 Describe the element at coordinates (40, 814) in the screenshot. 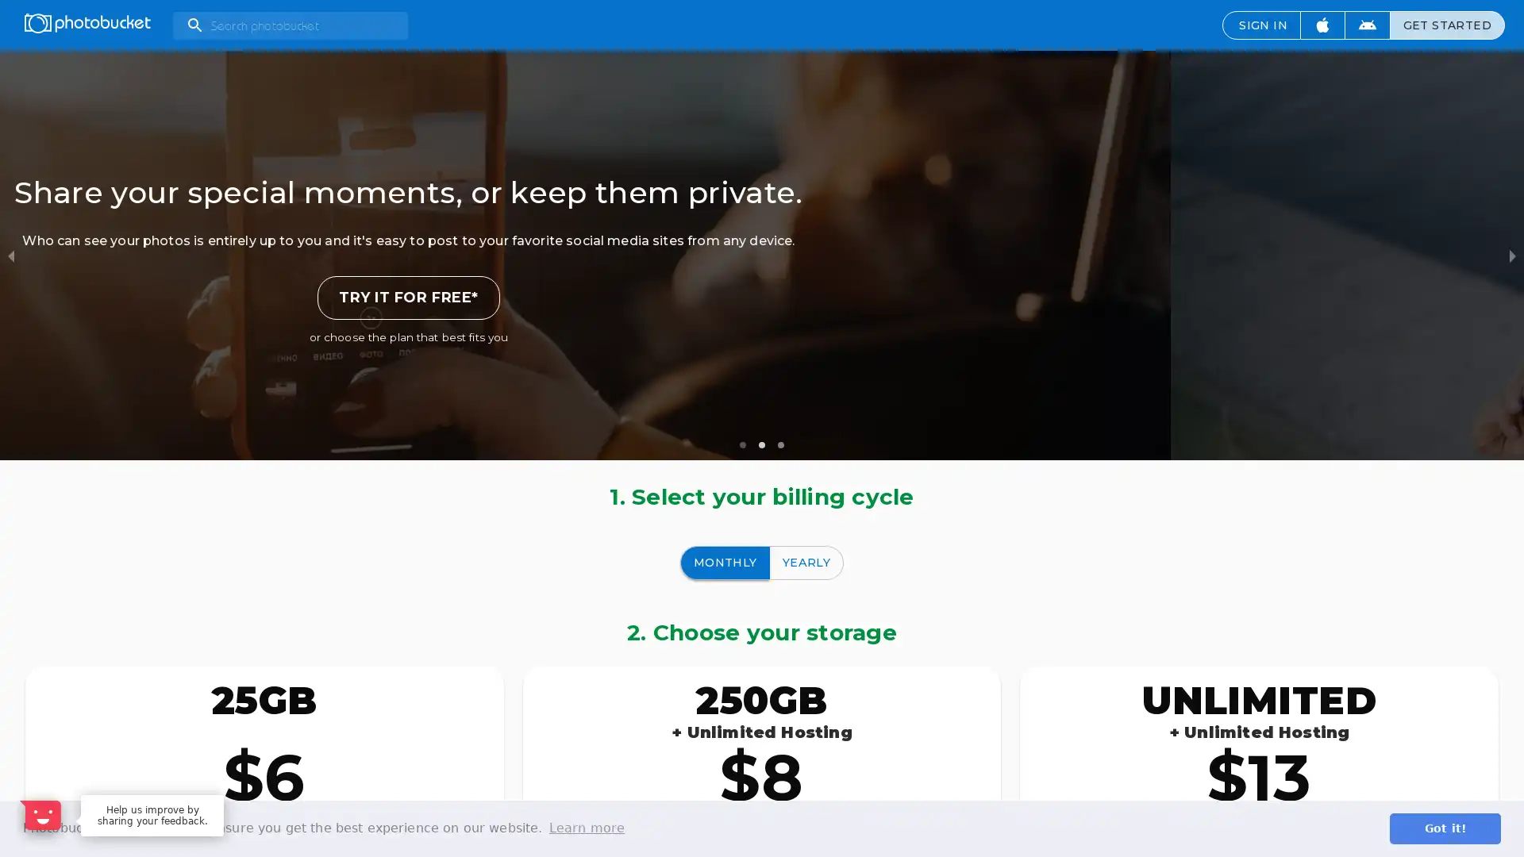

I see `Open` at that location.